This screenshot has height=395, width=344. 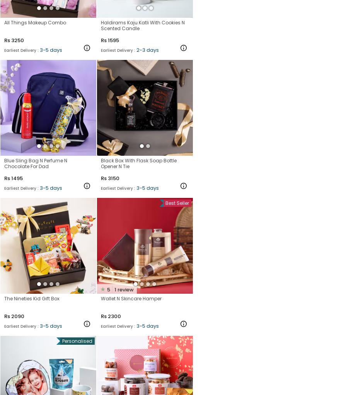 I want to click on 'Wallet N Skincare Hamper', so click(x=131, y=298).